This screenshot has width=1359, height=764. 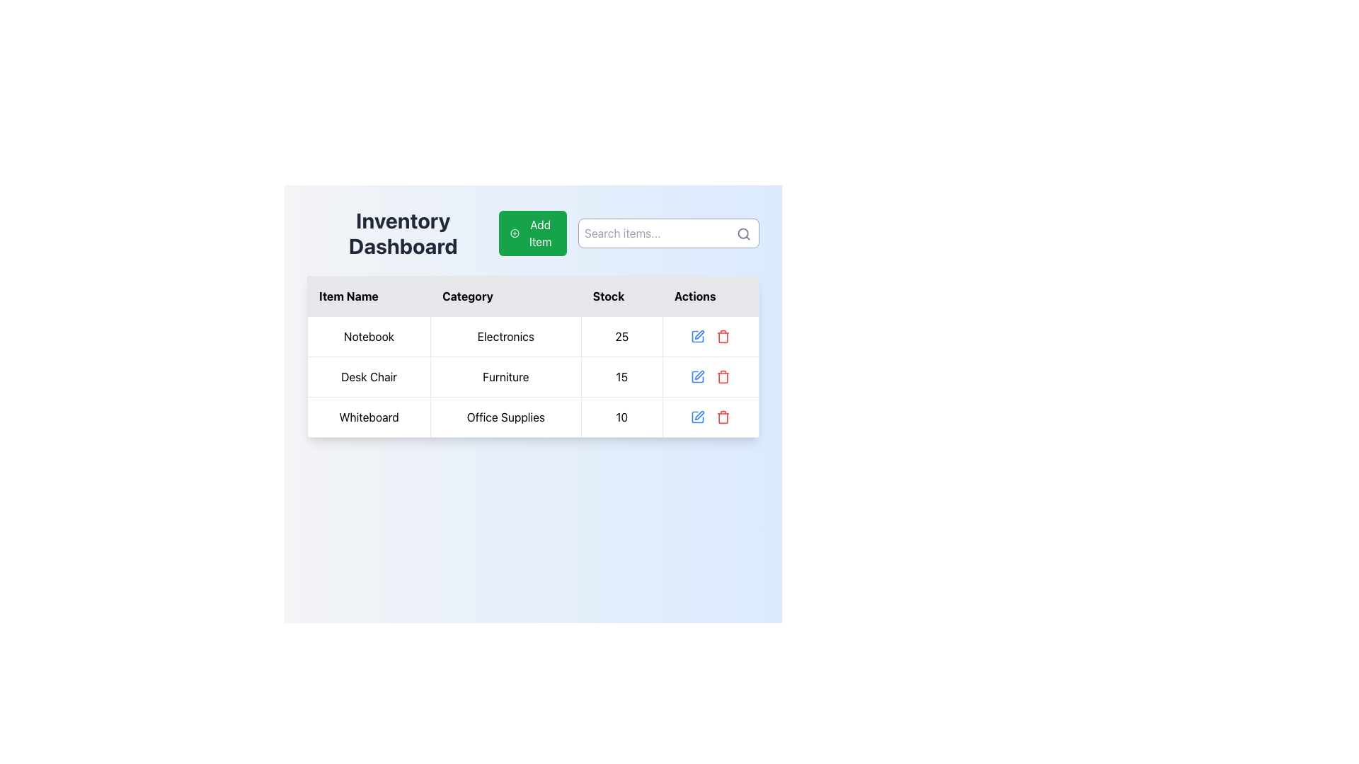 I want to click on the text box displaying the number '25' under the 'Stock' column for the 'Notebook' entry in the table, so click(x=621, y=336).